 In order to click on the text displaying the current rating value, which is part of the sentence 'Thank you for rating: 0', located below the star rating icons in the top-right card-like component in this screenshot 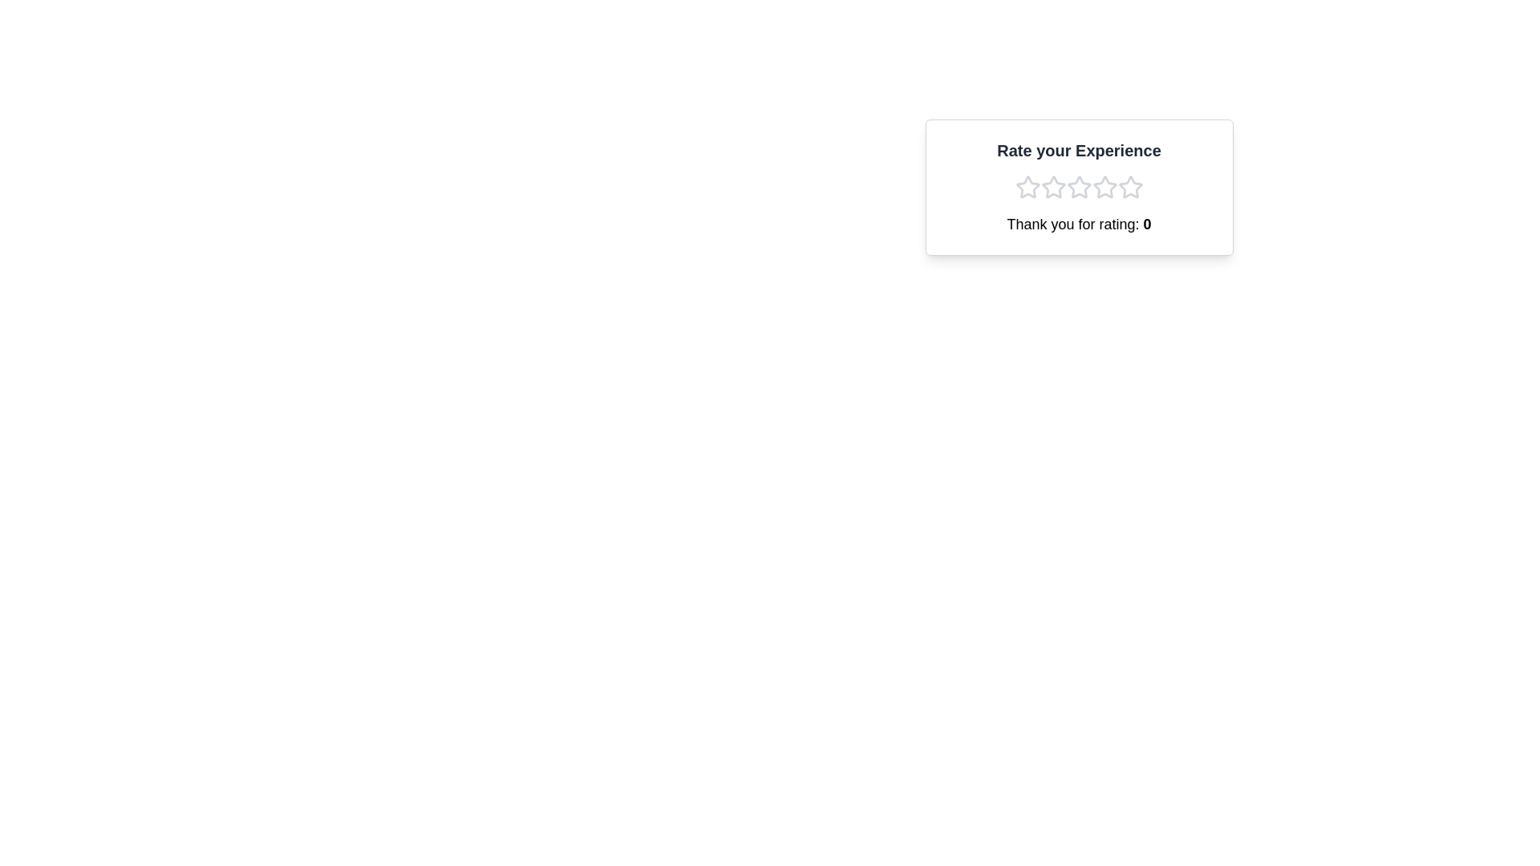, I will do `click(1146, 225)`.